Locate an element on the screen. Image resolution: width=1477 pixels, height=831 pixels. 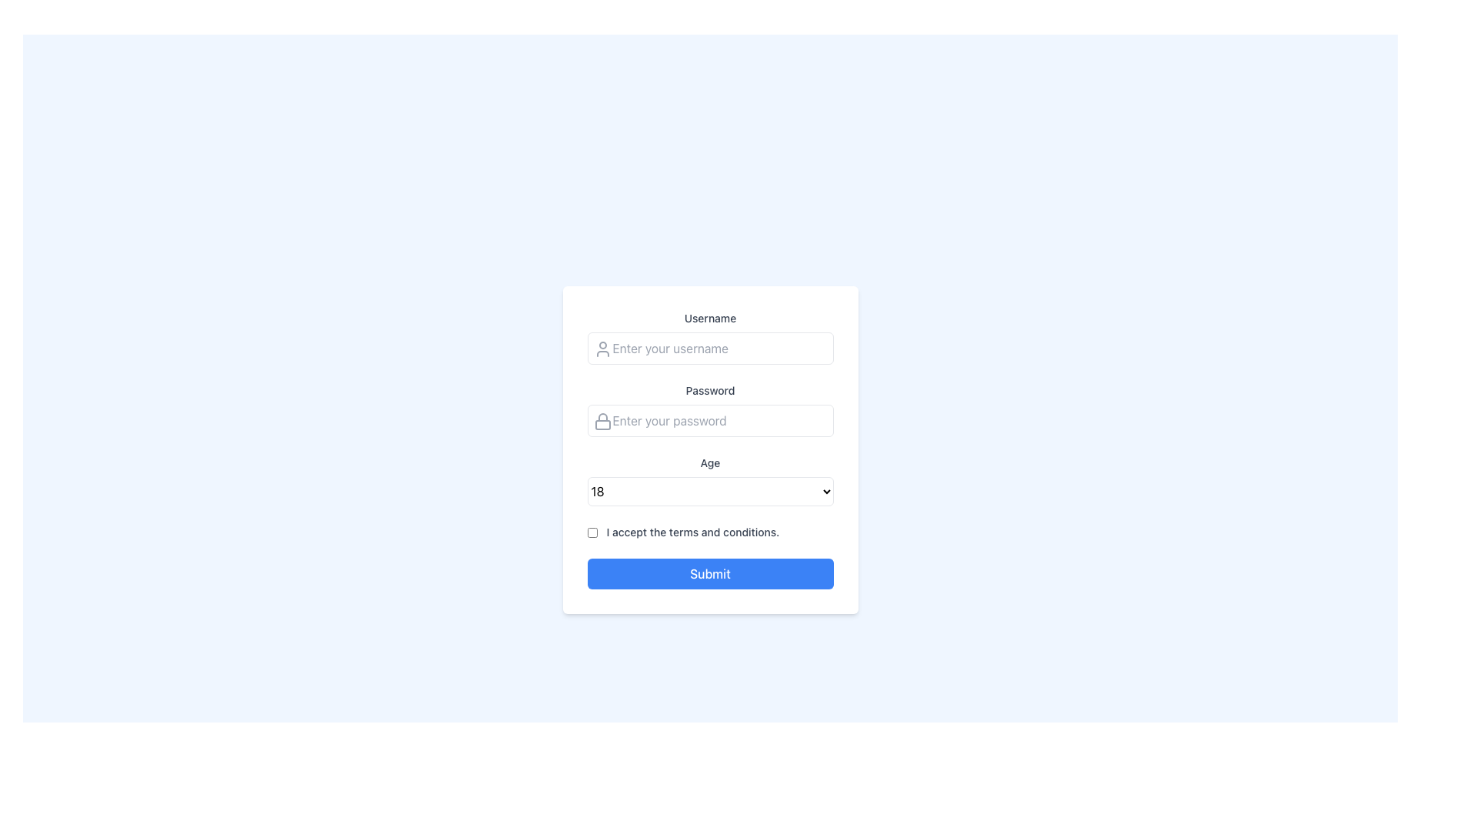
the lock icon, which is a light gray icon with a modern design located to the left of the 'Password' input field in the login form is located at coordinates (602, 421).